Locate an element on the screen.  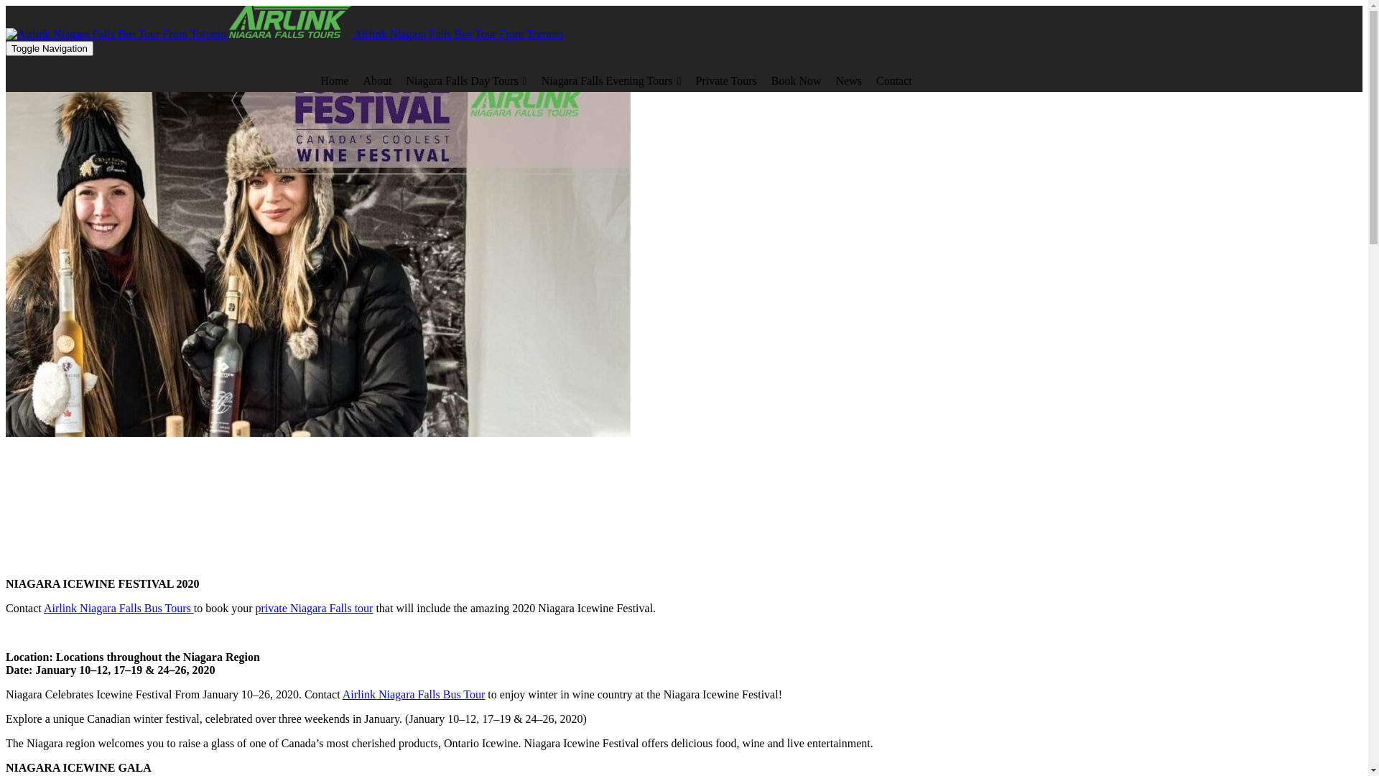
'Niagara Falls Day Tours' is located at coordinates (465, 80).